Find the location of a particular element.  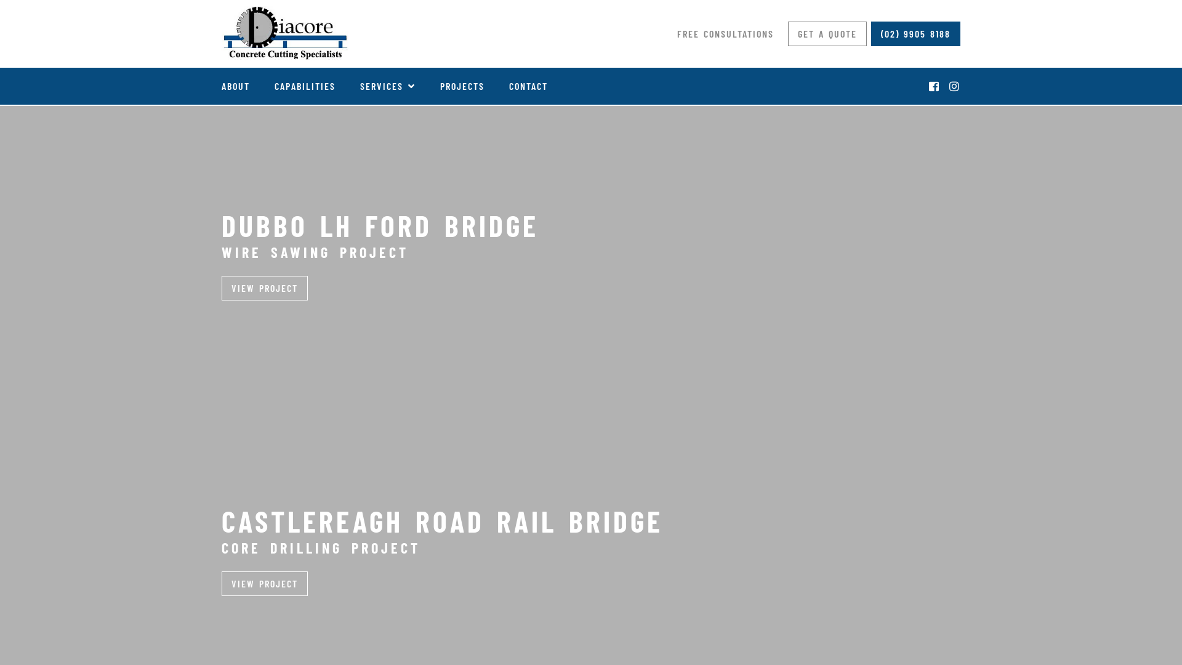

'CAPABILITIES' is located at coordinates (274, 85).